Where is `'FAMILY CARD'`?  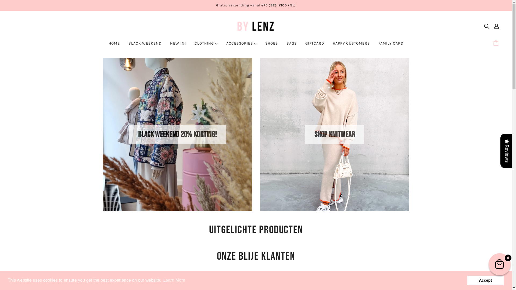 'FAMILY CARD' is located at coordinates (391, 45).